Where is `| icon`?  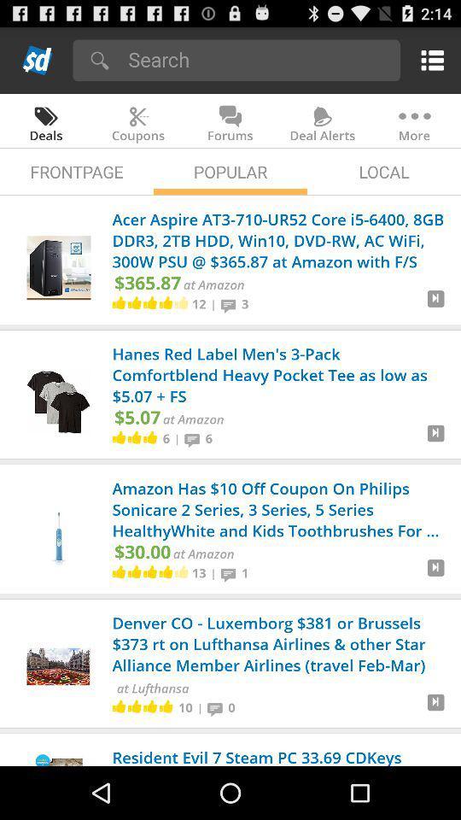 | icon is located at coordinates (199, 707).